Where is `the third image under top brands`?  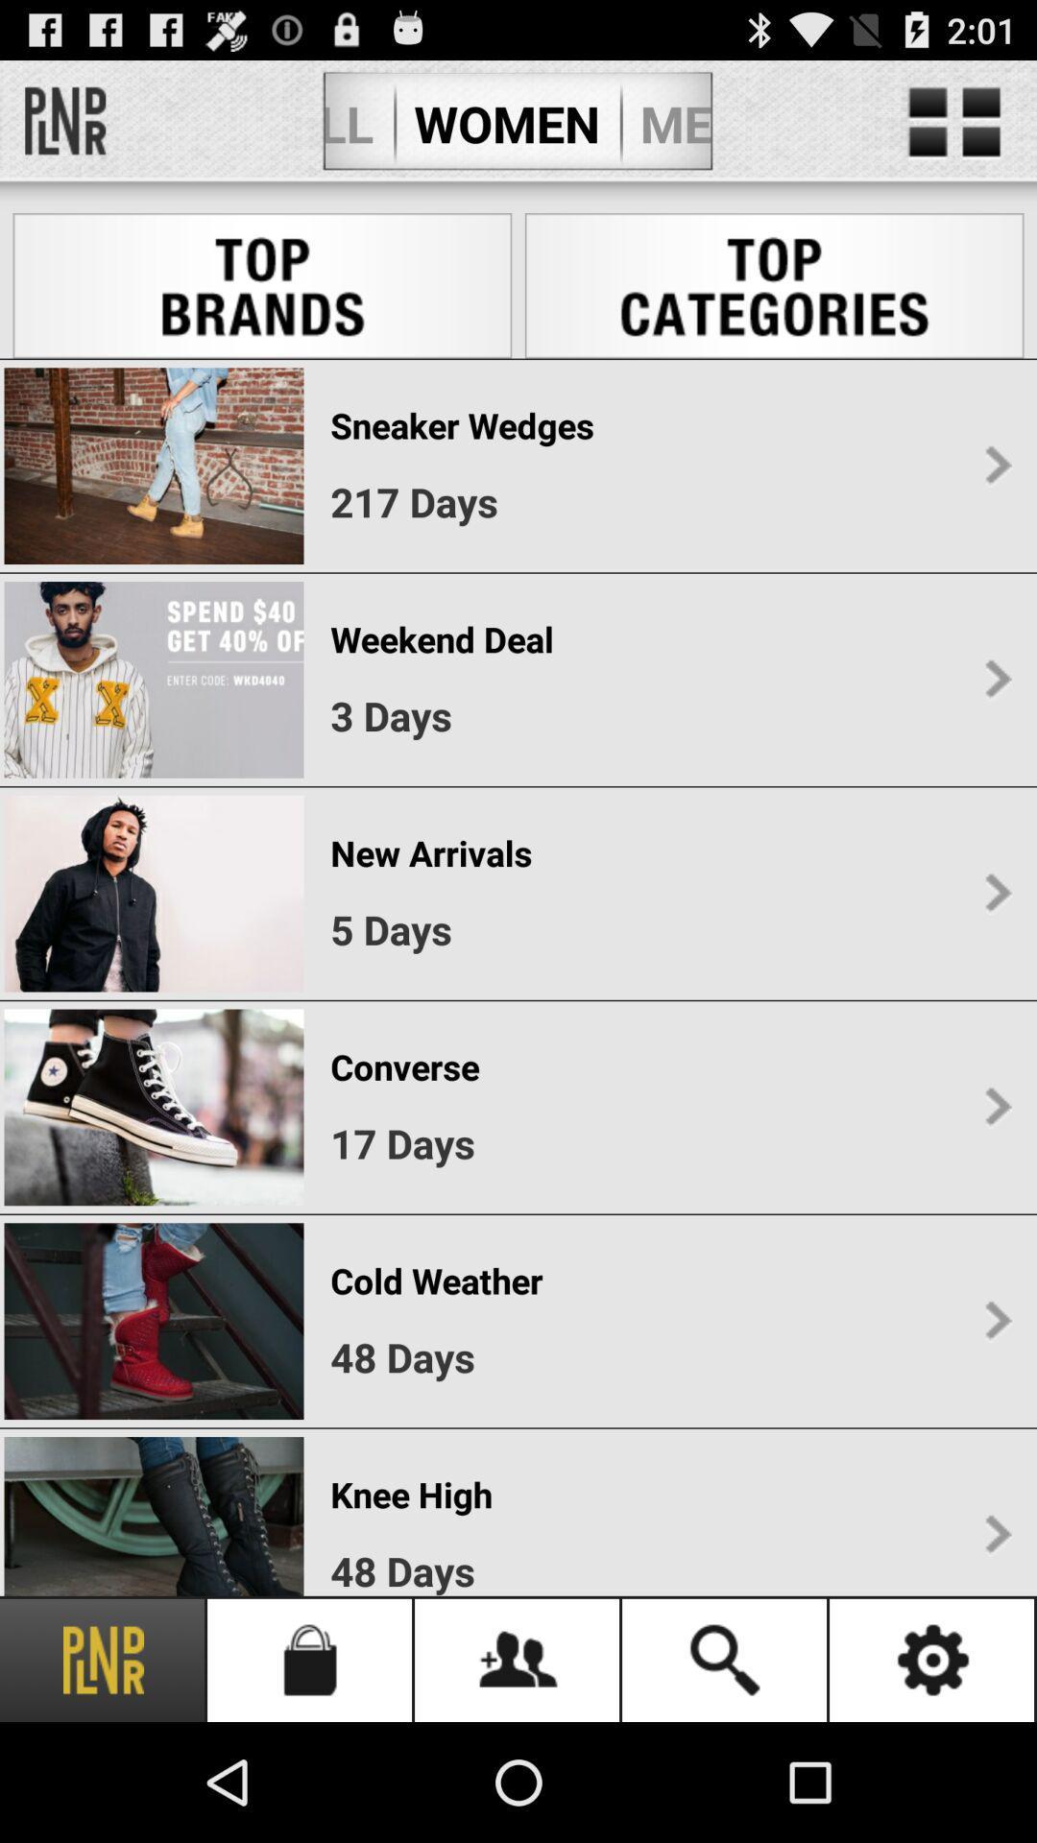
the third image under top brands is located at coordinates (153, 893).